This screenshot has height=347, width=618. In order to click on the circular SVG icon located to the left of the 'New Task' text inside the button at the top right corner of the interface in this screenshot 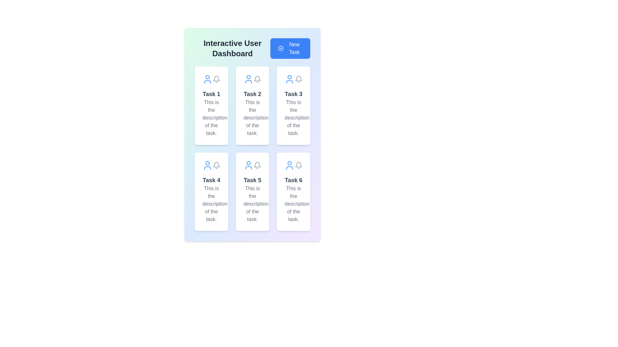, I will do `click(281, 48)`.